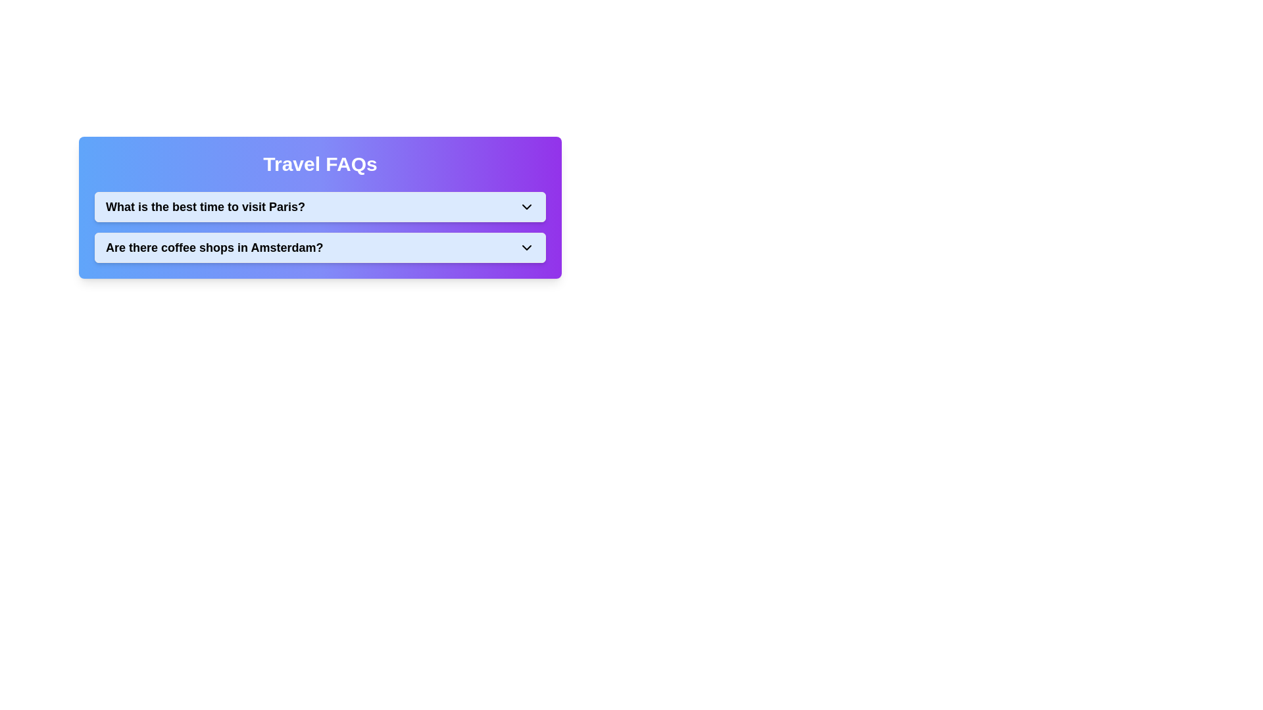  I want to click on the black downward-facing chevron icon on a light blue background, positioned to the right of the text 'Are there coffee shops in Amsterdam?', so click(527, 248).